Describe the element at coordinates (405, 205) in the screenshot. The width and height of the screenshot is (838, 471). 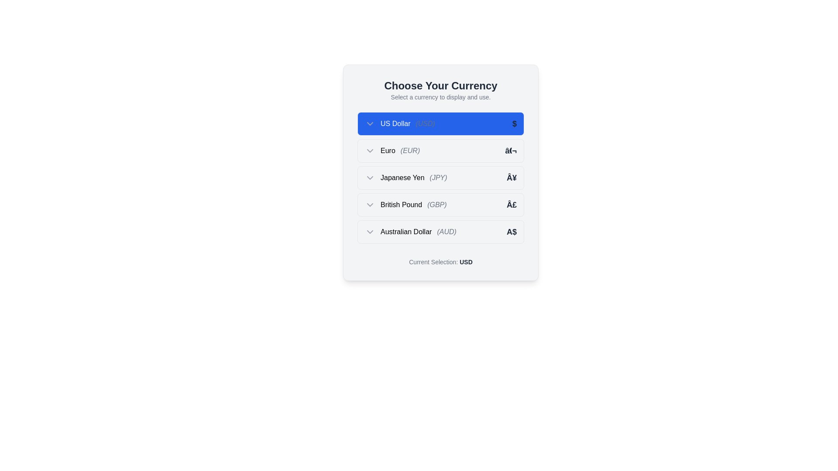
I see `the 'British Pound (GBP)' selection button, which is the third option in the currency list` at that location.